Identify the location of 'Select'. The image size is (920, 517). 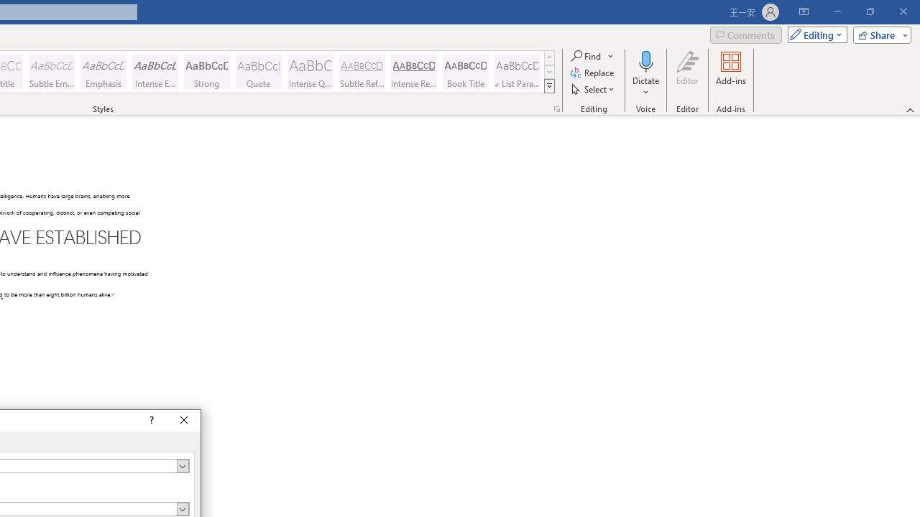
(594, 89).